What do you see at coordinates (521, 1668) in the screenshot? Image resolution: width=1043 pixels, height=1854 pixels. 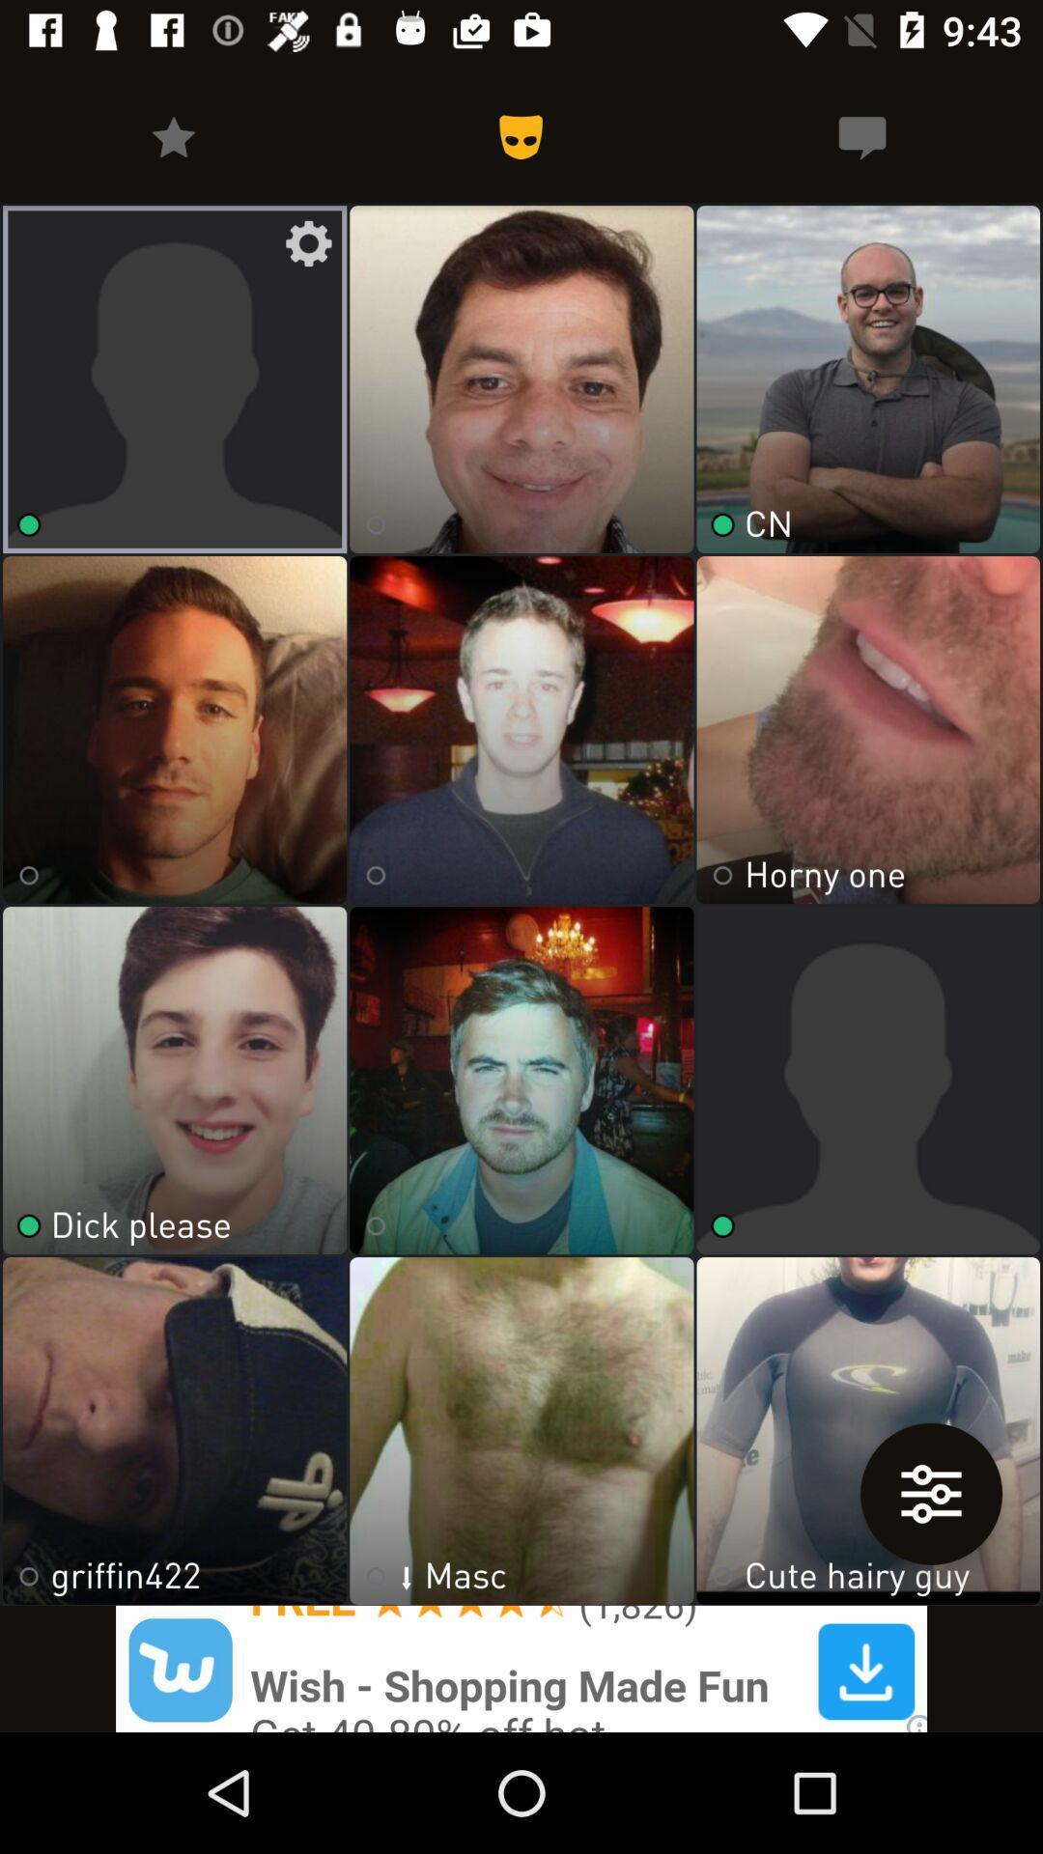 I see `open advertisement` at bounding box center [521, 1668].